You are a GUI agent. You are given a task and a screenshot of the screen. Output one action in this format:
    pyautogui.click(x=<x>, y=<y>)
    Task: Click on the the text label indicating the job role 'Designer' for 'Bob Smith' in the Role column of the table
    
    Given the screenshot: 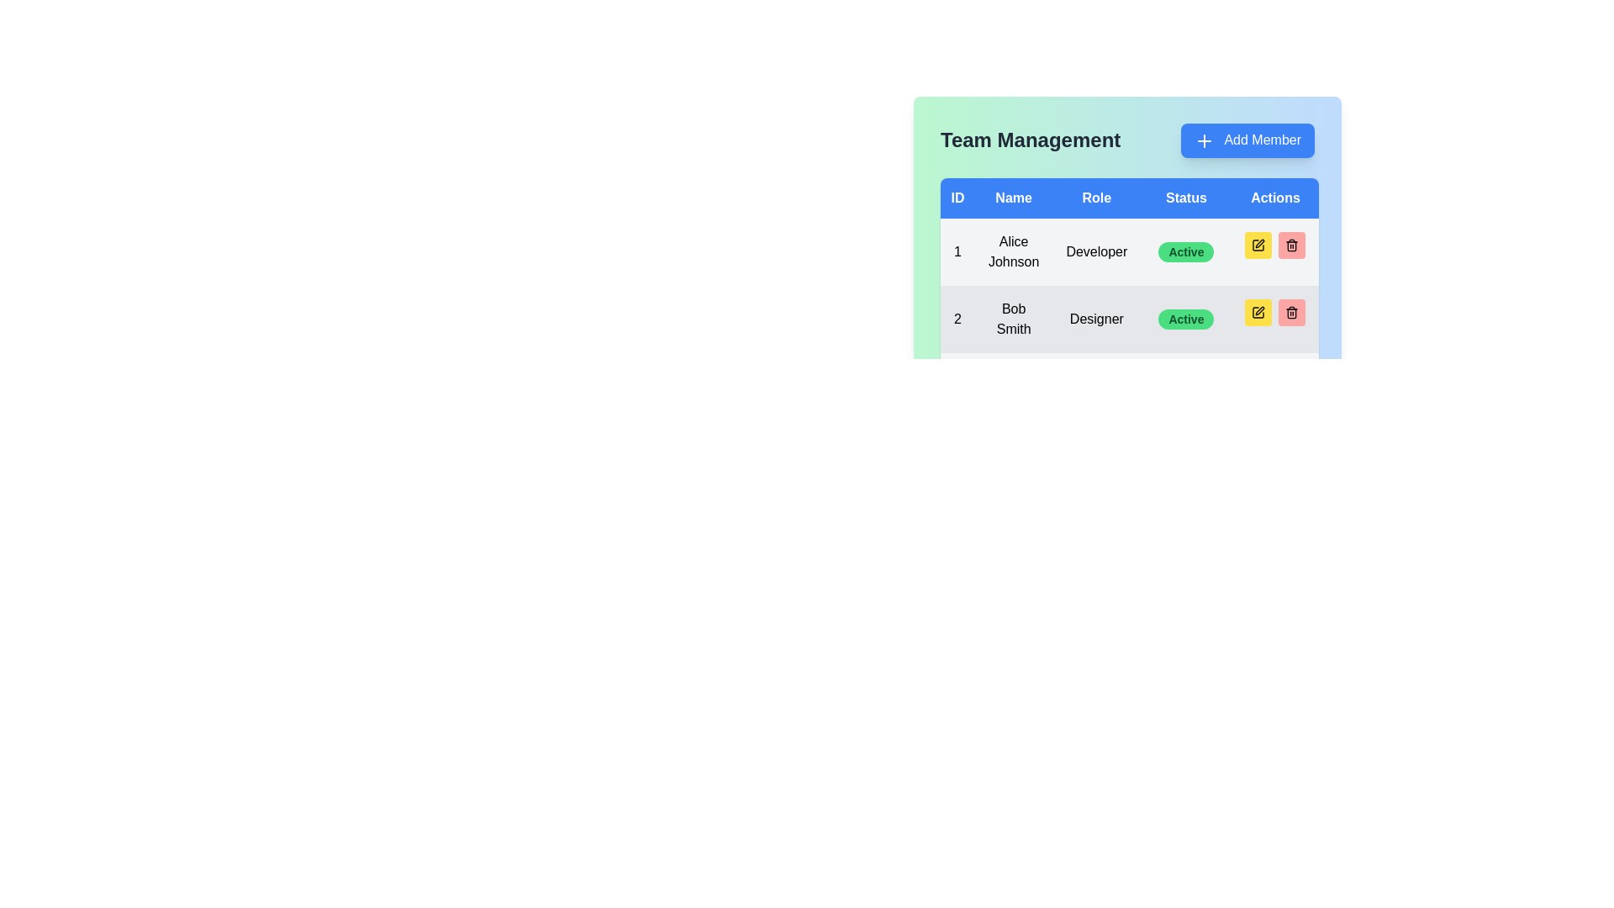 What is the action you would take?
    pyautogui.click(x=1096, y=319)
    